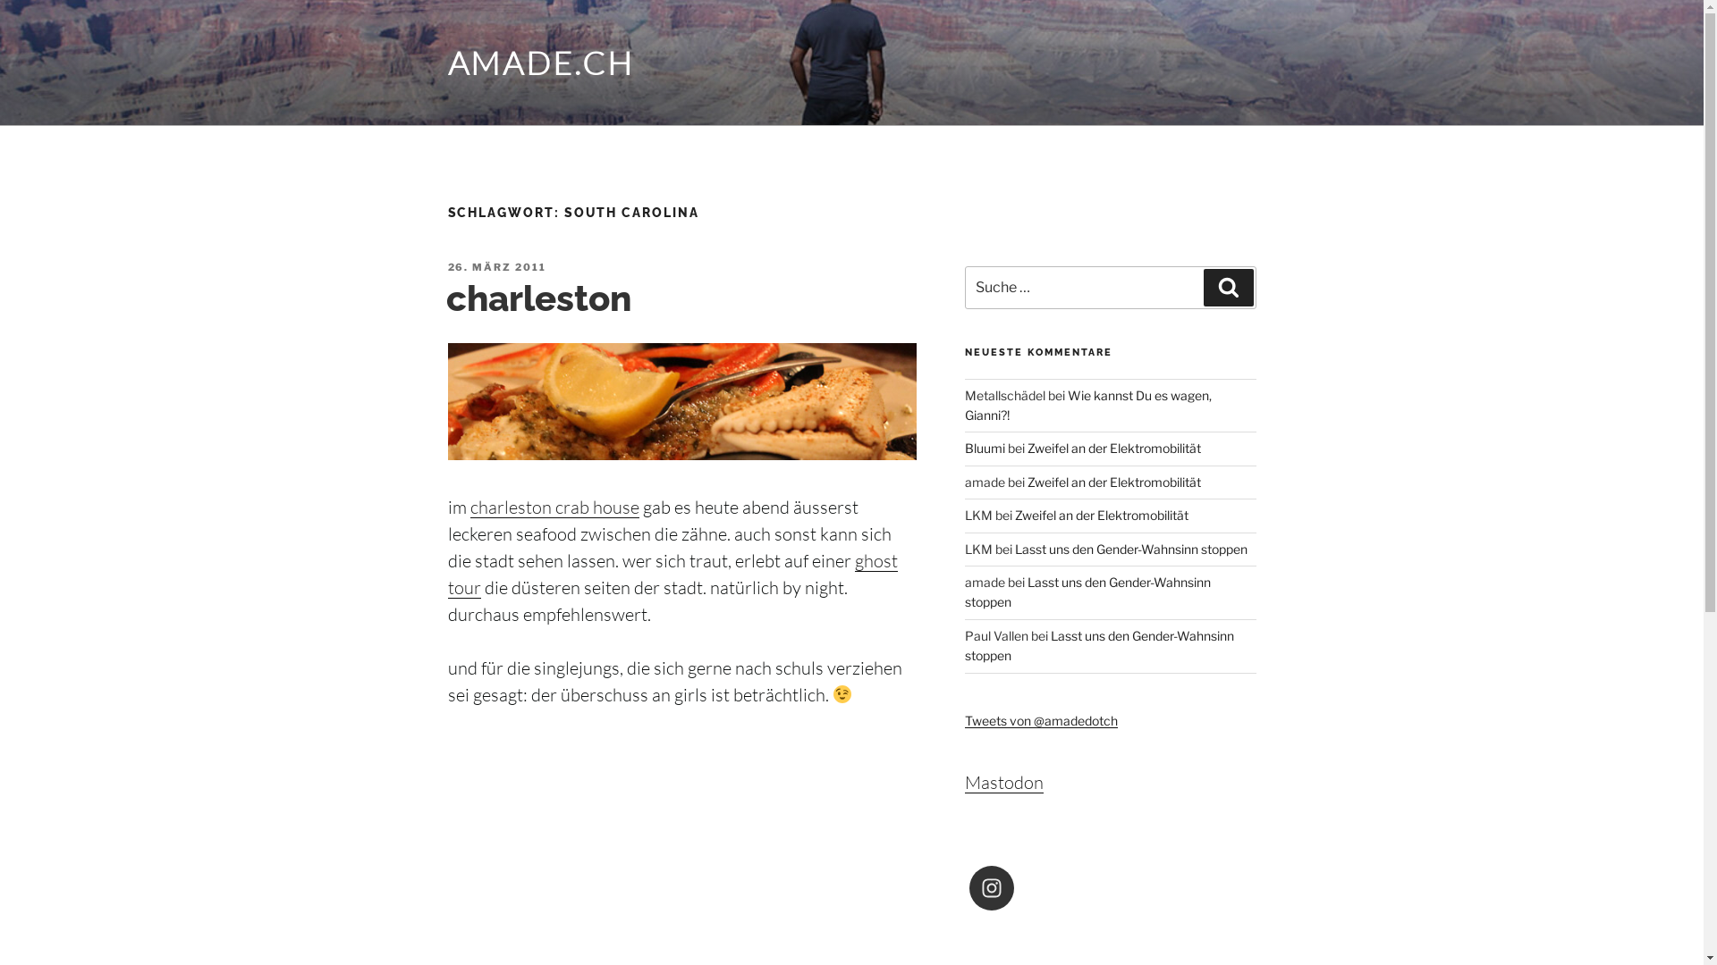 The height and width of the screenshot is (965, 1717). What do you see at coordinates (539, 61) in the screenshot?
I see `'AMADE.CH'` at bounding box center [539, 61].